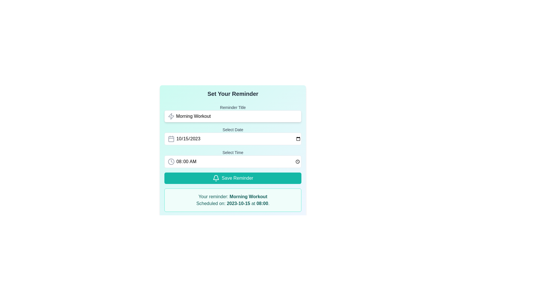  What do you see at coordinates (238, 203) in the screenshot?
I see `the Text element that indicates the scheduled date for the reminder, positioned between 'Morning Workout' and '08:00' in the reminder announcement` at bounding box center [238, 203].